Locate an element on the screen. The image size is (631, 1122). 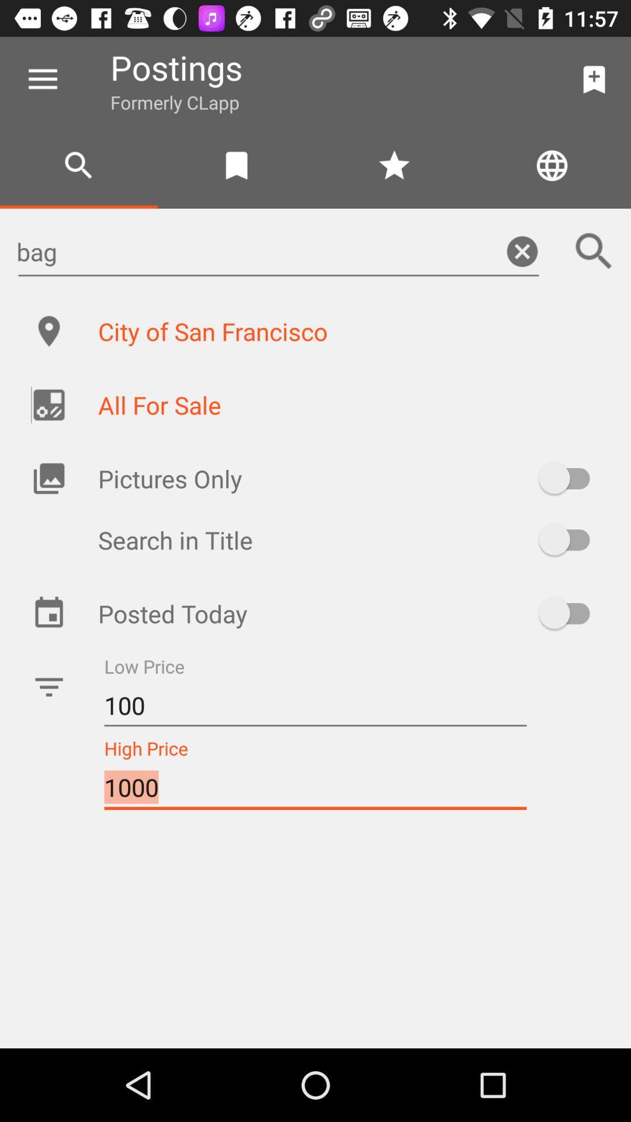
item below the 100 item is located at coordinates (315, 788).